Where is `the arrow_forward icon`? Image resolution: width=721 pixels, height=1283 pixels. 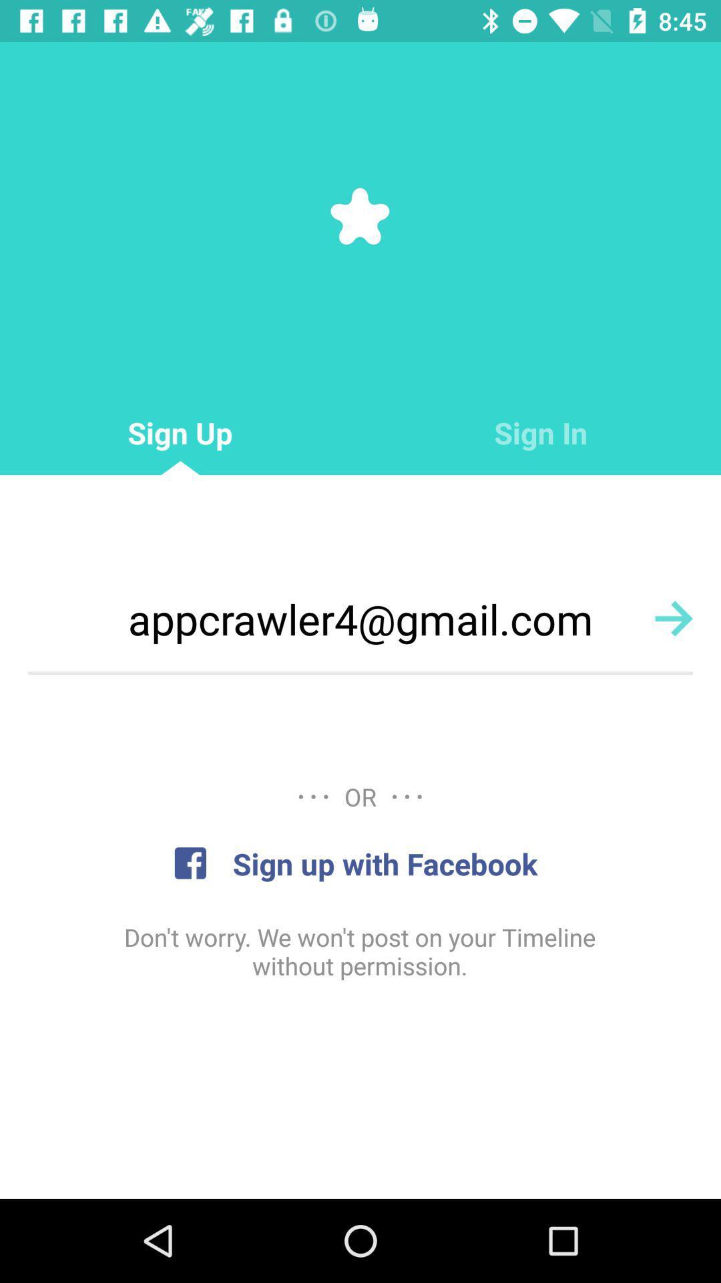 the arrow_forward icon is located at coordinates (674, 617).